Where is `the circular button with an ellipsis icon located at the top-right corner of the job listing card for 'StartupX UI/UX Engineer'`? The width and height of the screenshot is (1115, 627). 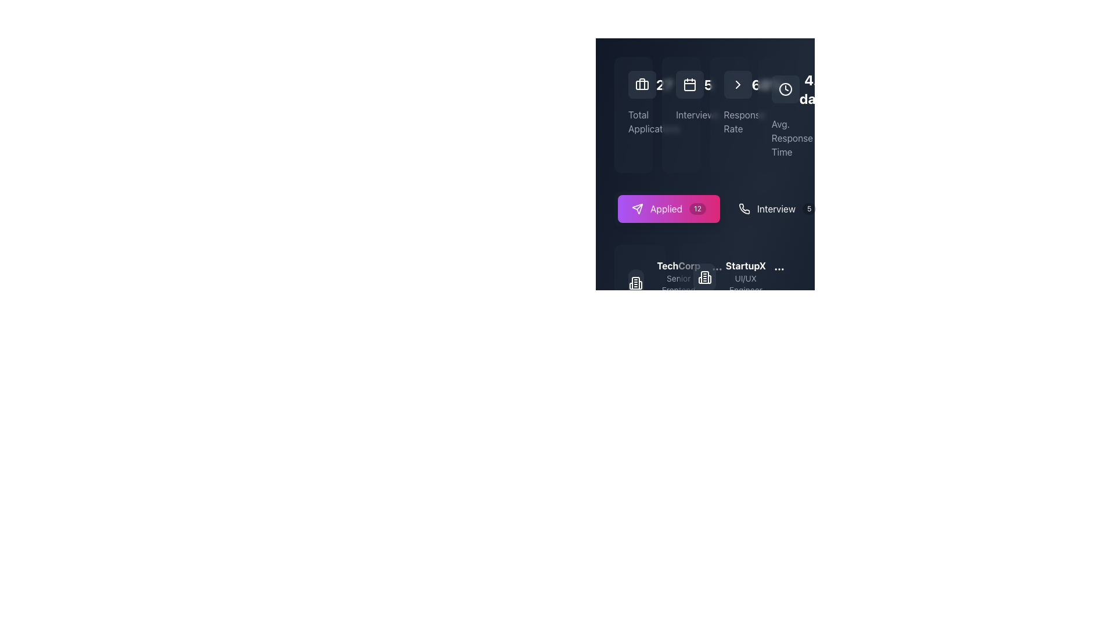 the circular button with an ellipsis icon located at the top-right corner of the job listing card for 'StartupX UI/UX Engineer' is located at coordinates (779, 269).